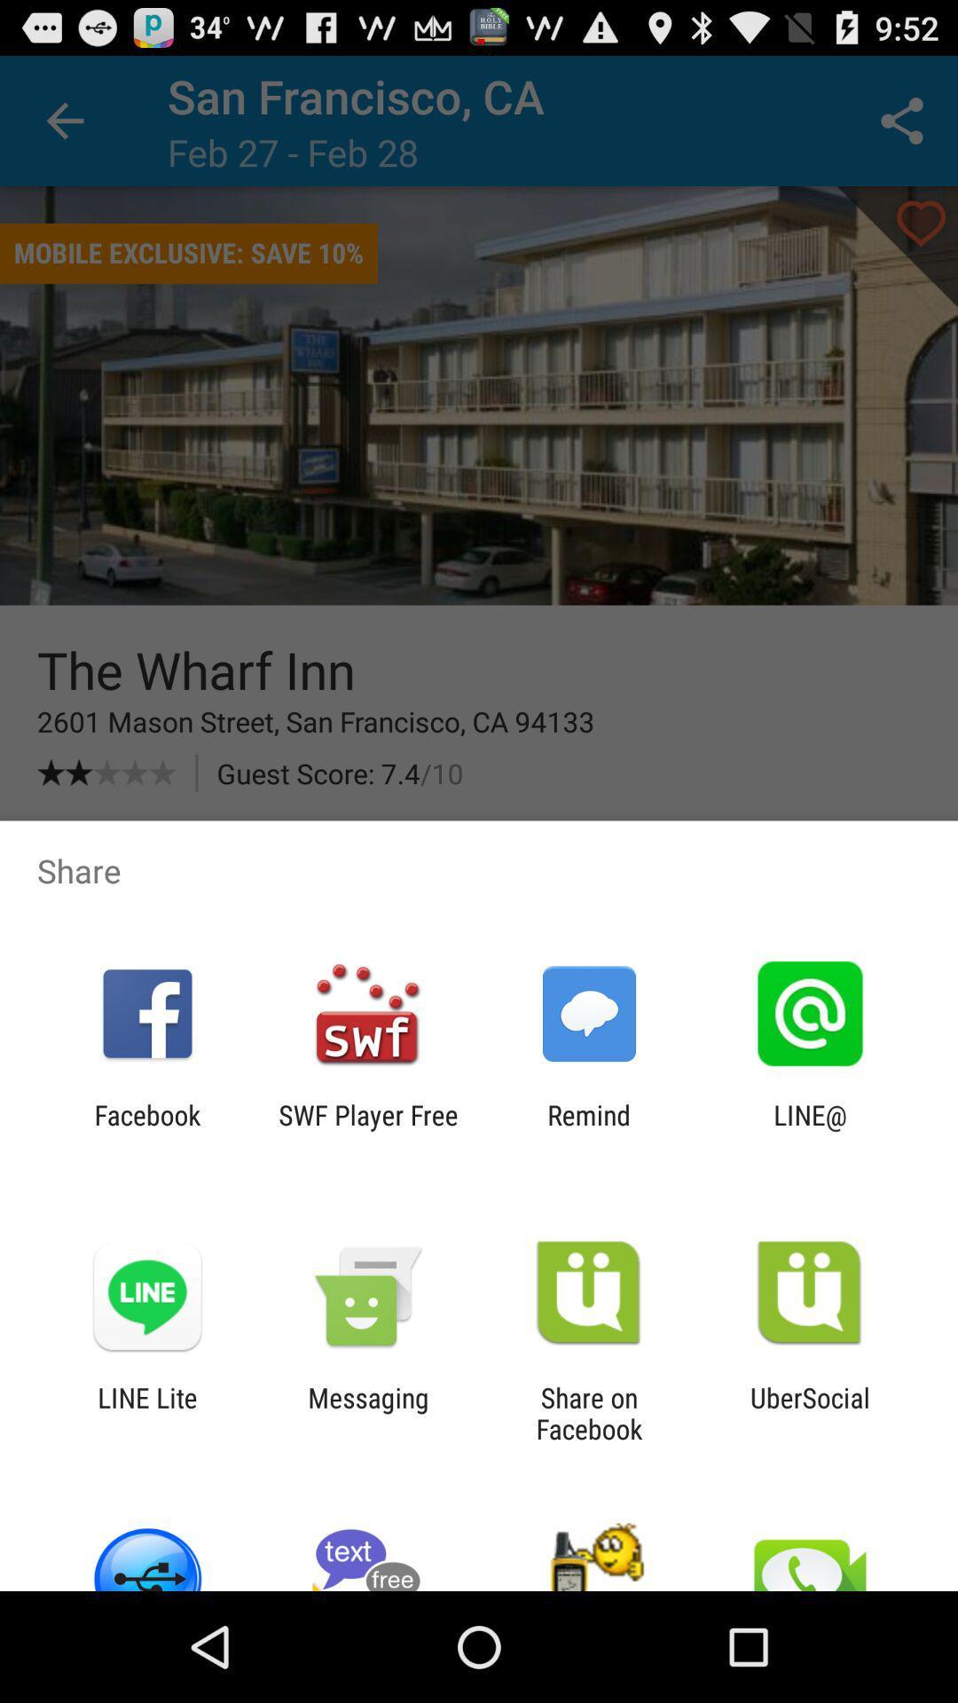 This screenshot has width=958, height=1703. Describe the element at coordinates (367, 1130) in the screenshot. I see `the swf player free icon` at that location.